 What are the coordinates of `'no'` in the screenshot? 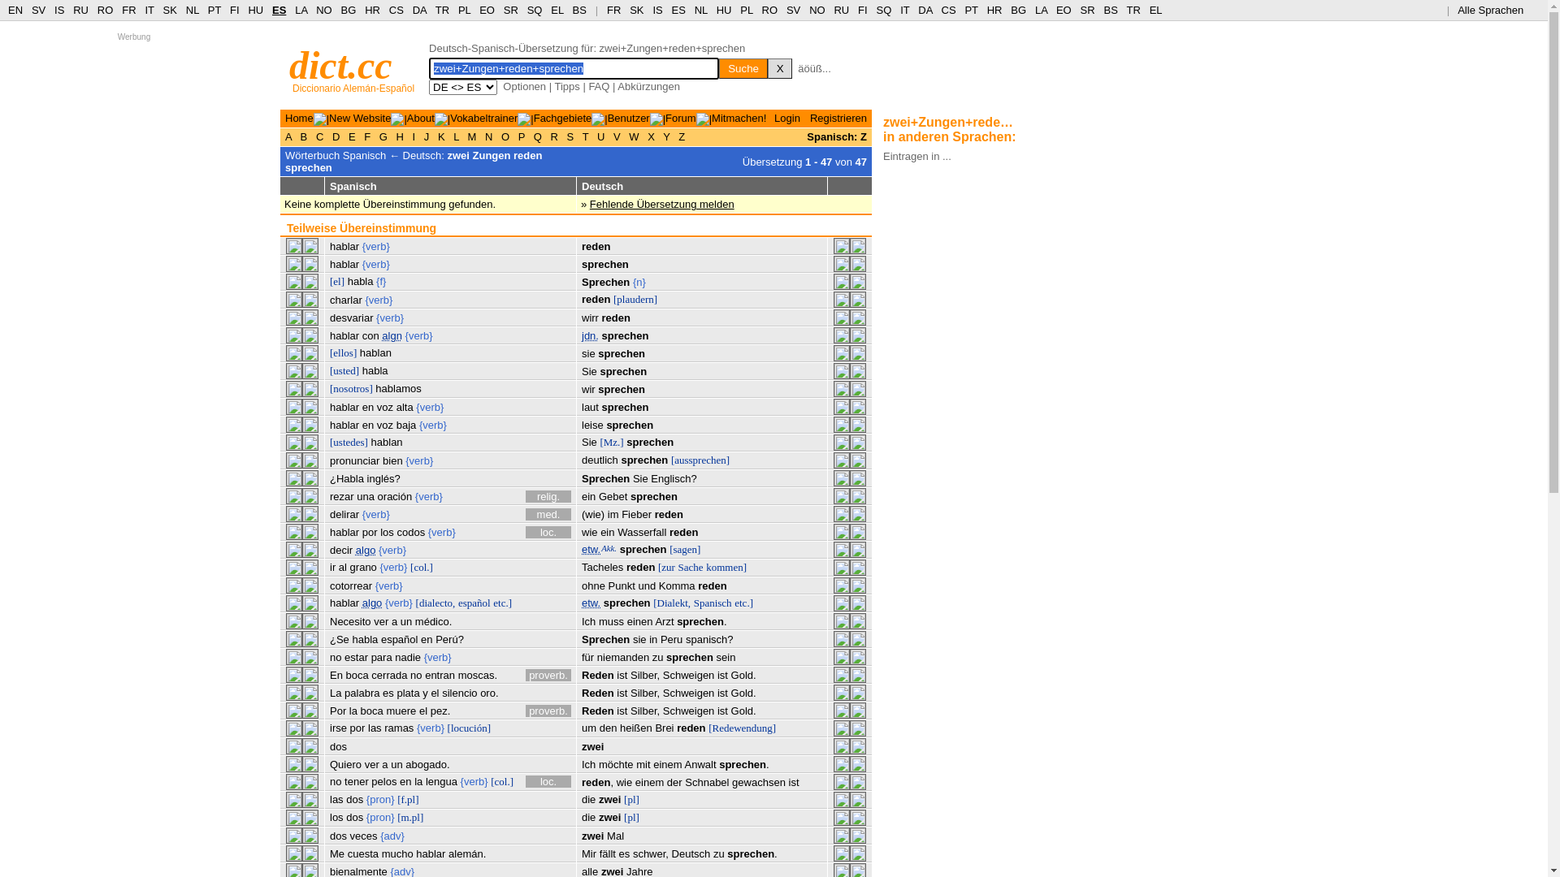 It's located at (409, 675).